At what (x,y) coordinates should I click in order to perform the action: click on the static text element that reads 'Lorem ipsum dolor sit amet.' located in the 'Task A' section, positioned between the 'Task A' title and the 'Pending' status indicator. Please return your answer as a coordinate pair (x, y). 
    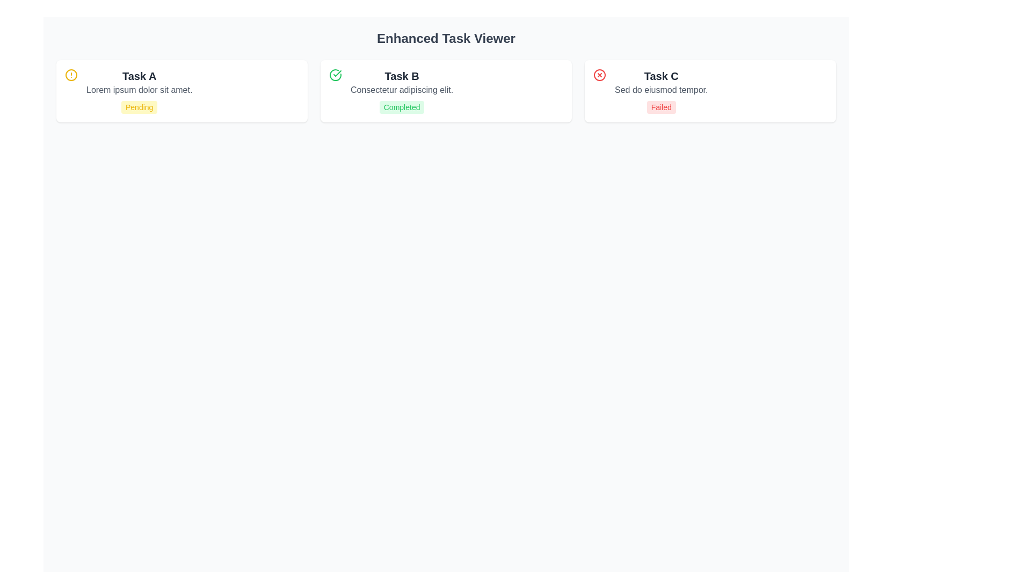
    Looking at the image, I should click on (139, 90).